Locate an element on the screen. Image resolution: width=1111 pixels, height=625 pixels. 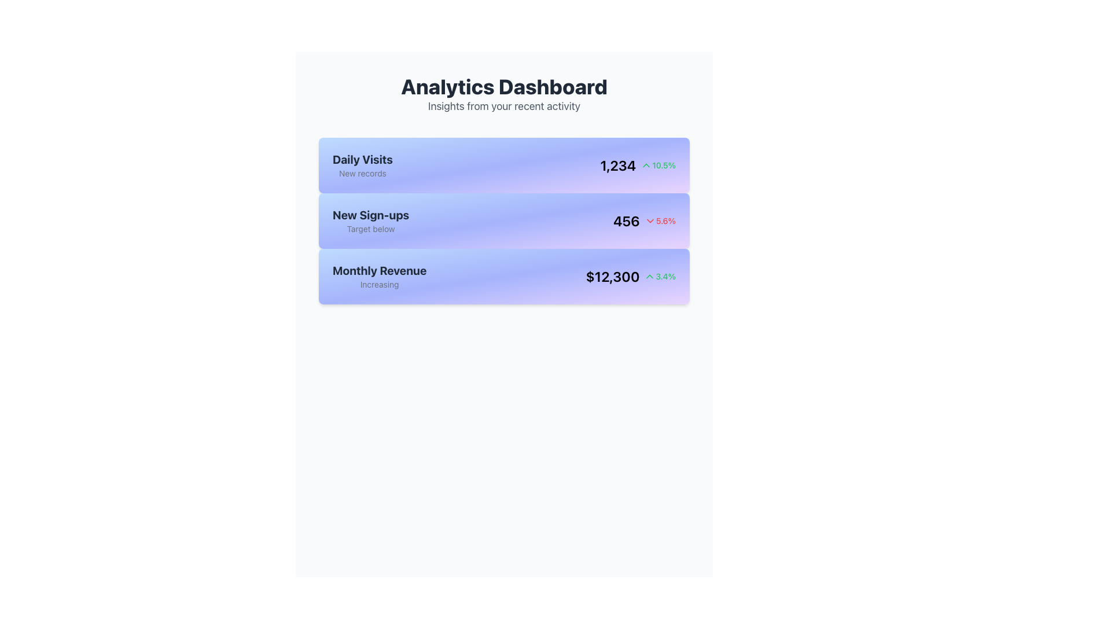
the text label 'New records' which is located directly below 'Daily Visits' in the first information card, aligned to the left side of the card is located at coordinates (362, 174).